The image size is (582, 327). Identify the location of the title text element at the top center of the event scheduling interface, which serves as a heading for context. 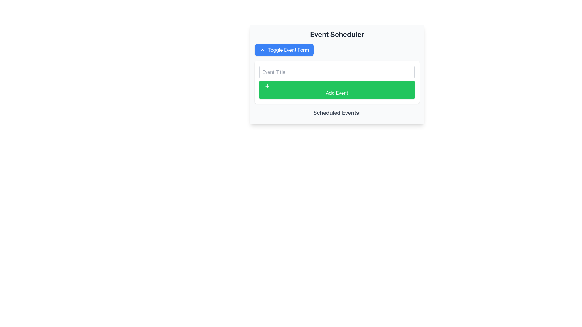
(337, 34).